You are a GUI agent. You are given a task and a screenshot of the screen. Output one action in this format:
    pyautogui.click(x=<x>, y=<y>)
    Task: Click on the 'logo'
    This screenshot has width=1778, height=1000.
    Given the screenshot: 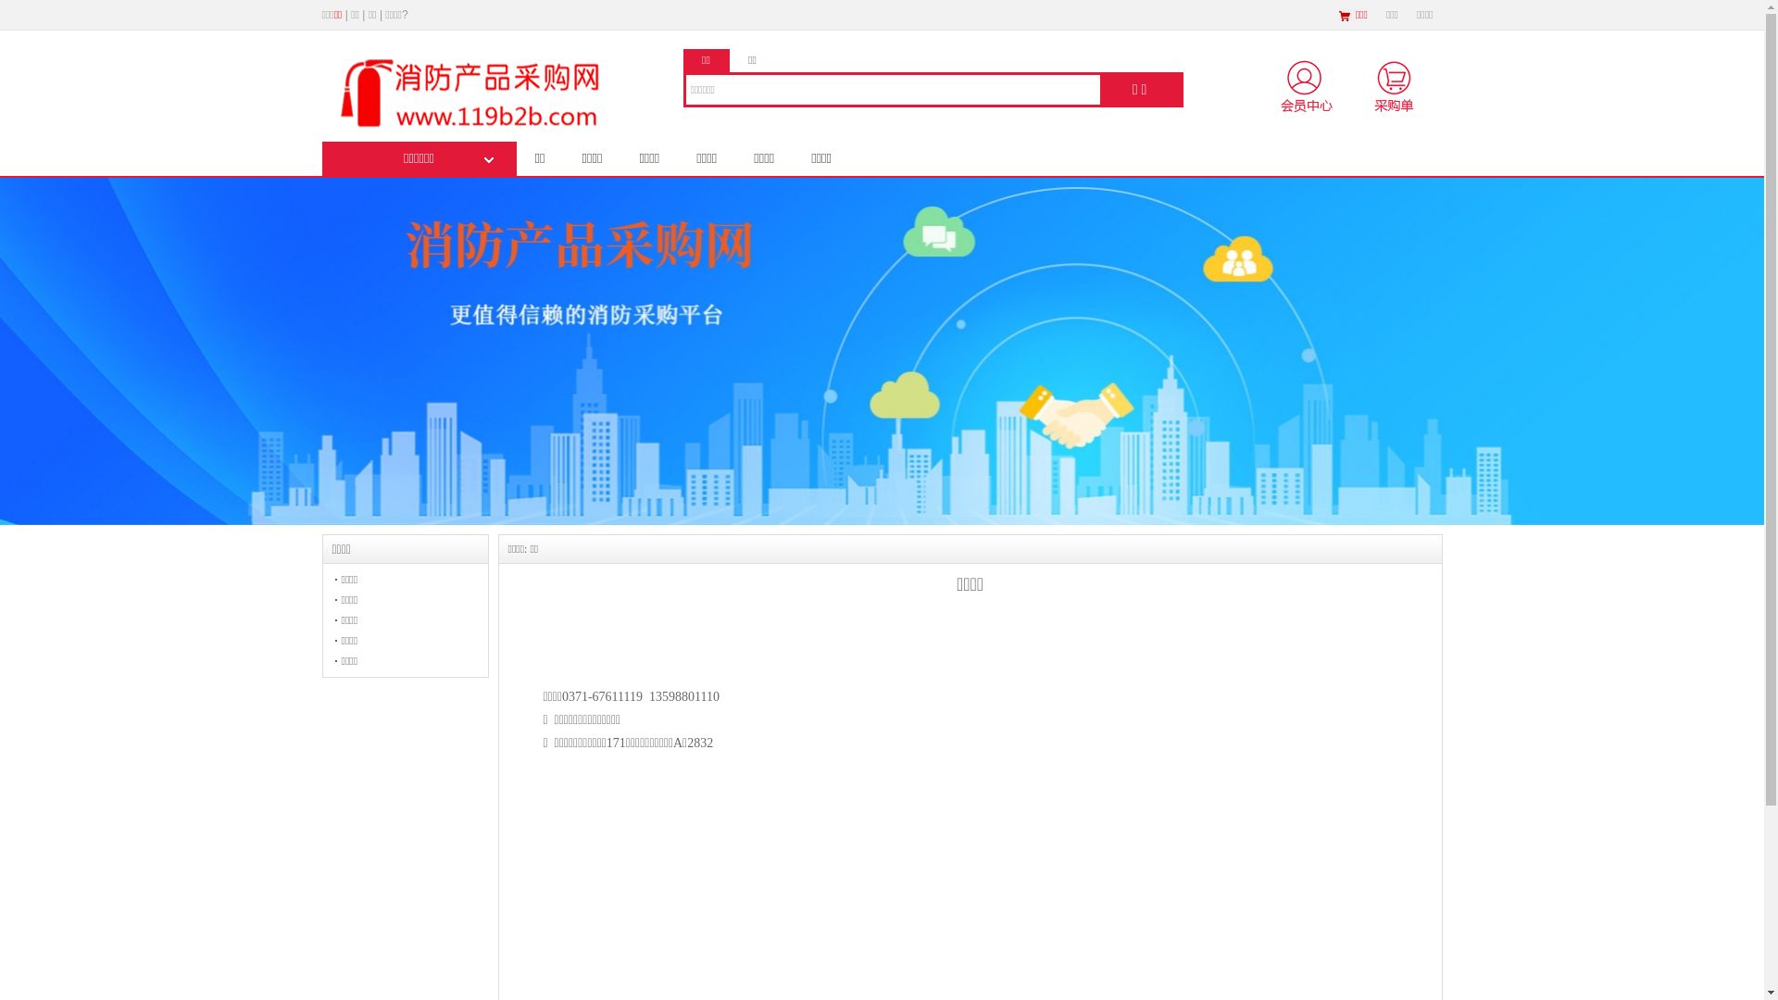 What is the action you would take?
    pyautogui.click(x=484, y=93)
    